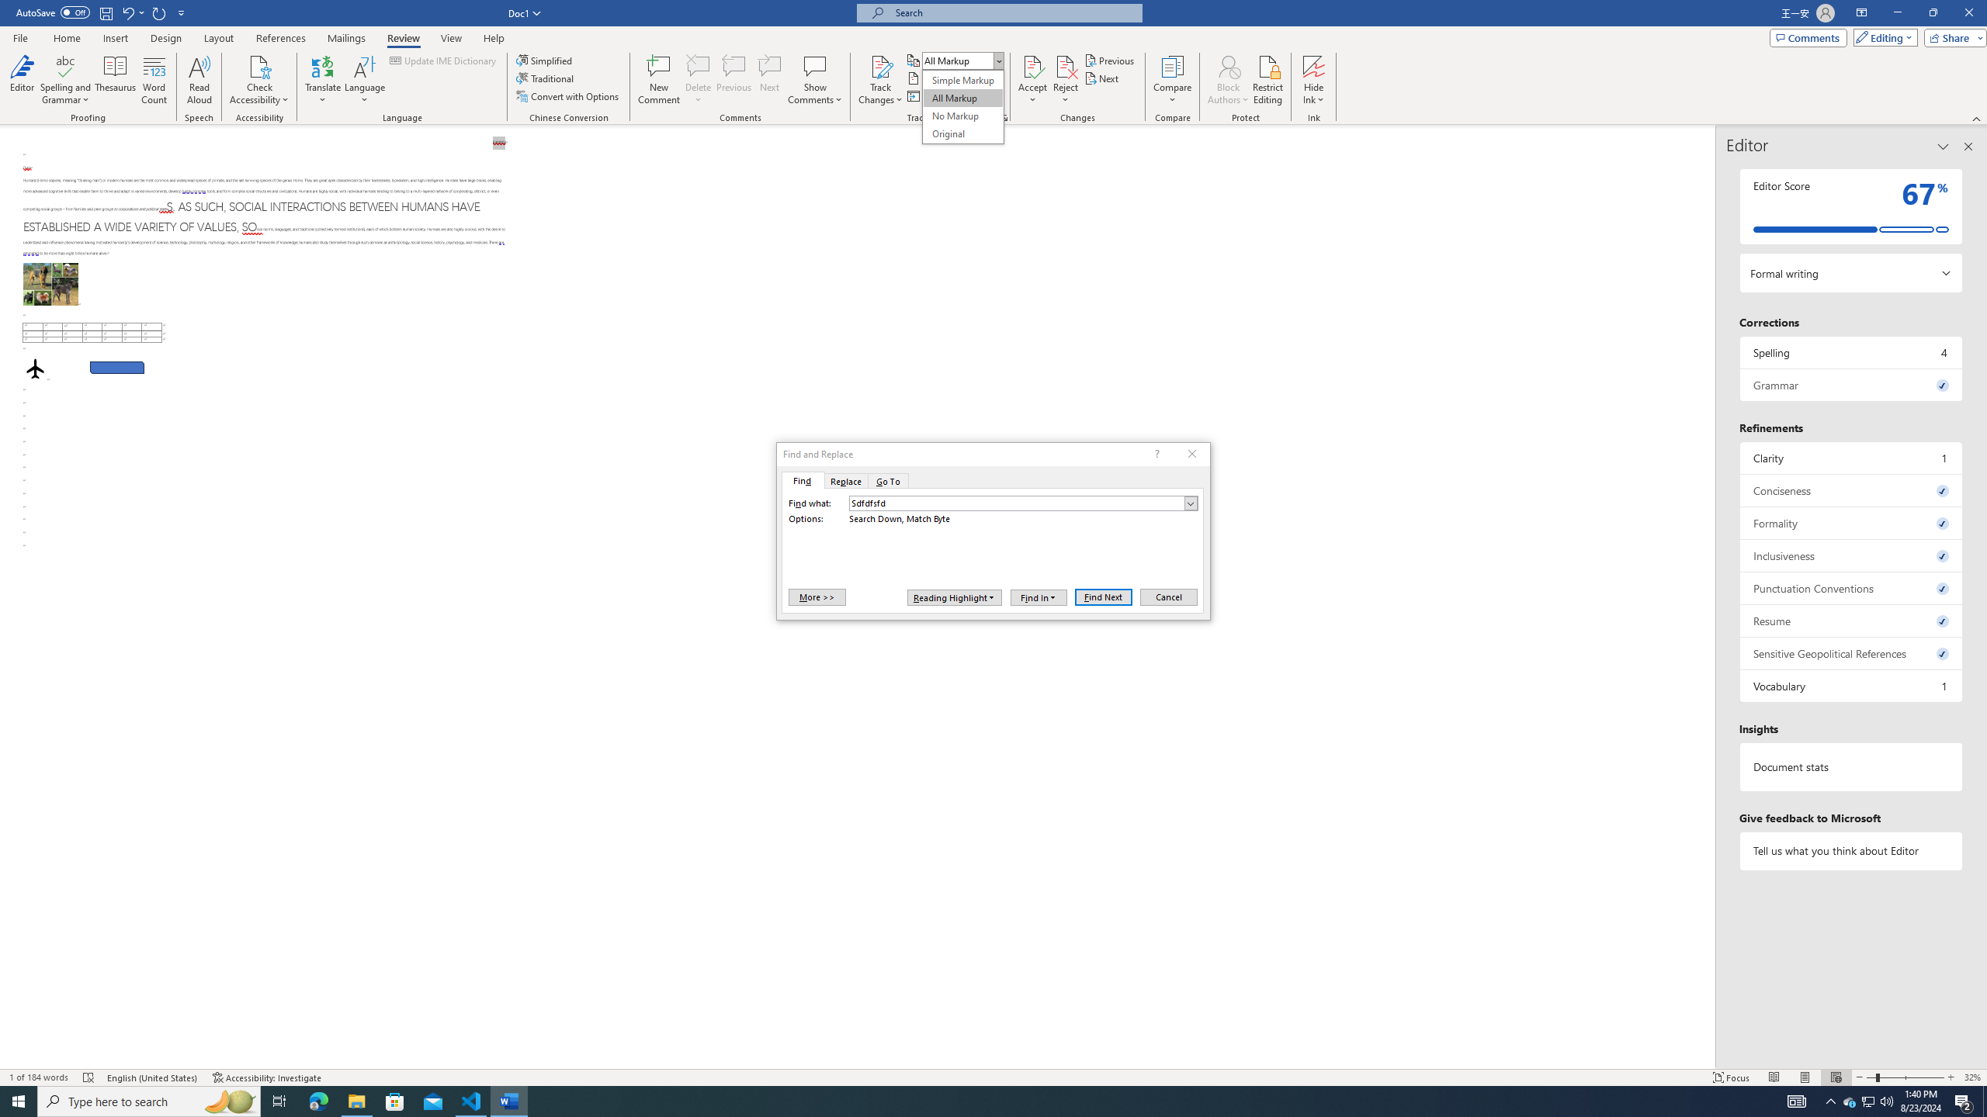  I want to click on '&Display for Review', so click(962, 106).